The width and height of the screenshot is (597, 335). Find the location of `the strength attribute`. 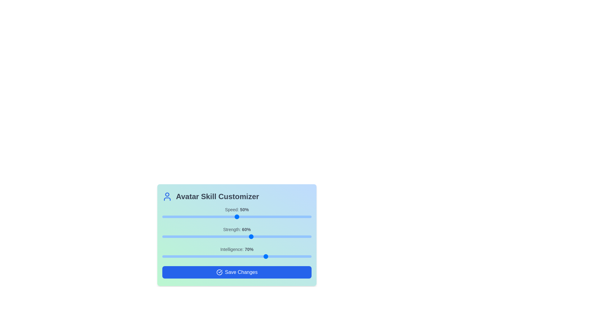

the strength attribute is located at coordinates (237, 237).